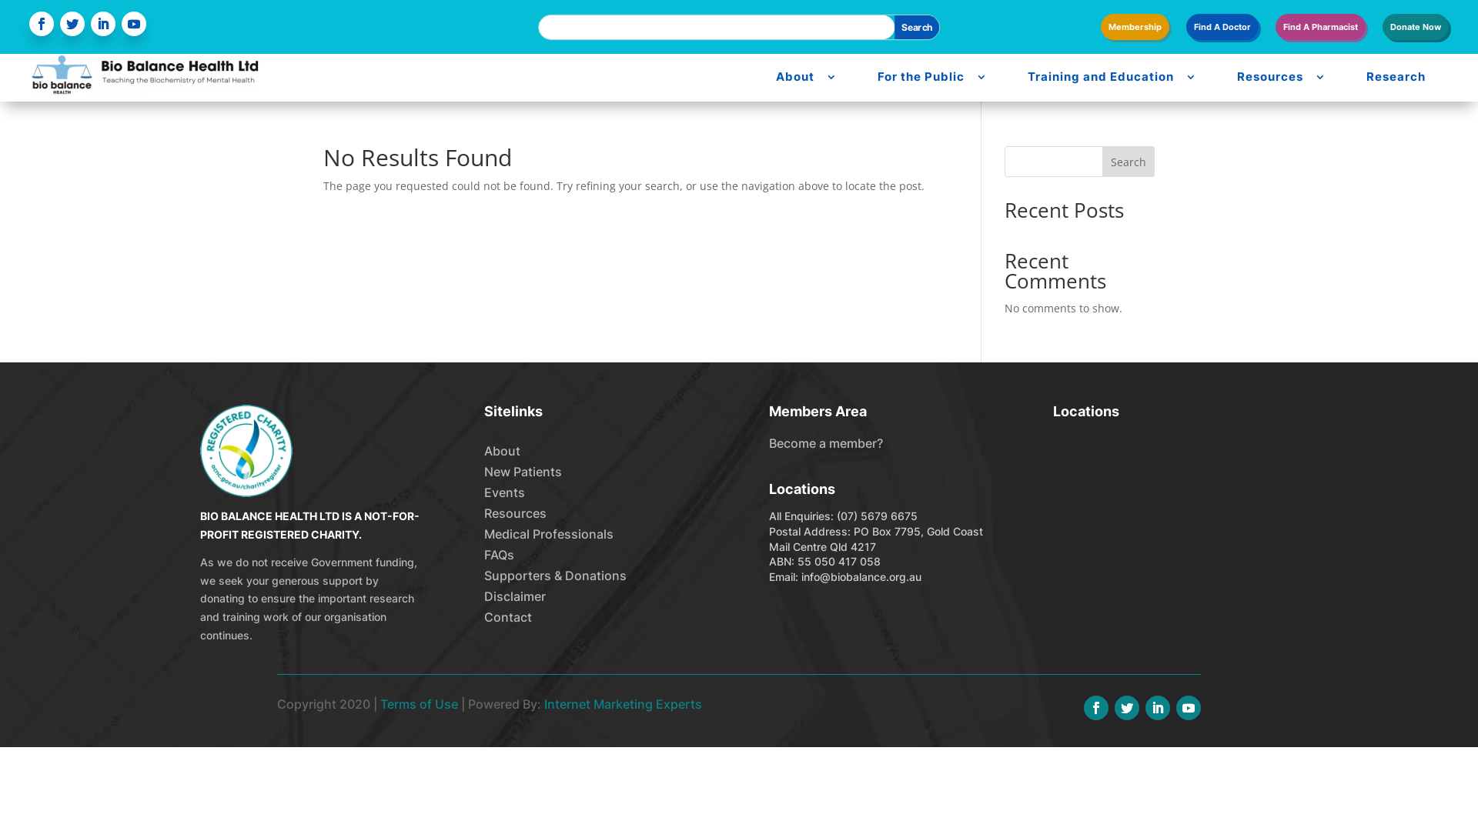 This screenshot has width=1478, height=831. I want to click on 'Find A Doctor', so click(1222, 29).